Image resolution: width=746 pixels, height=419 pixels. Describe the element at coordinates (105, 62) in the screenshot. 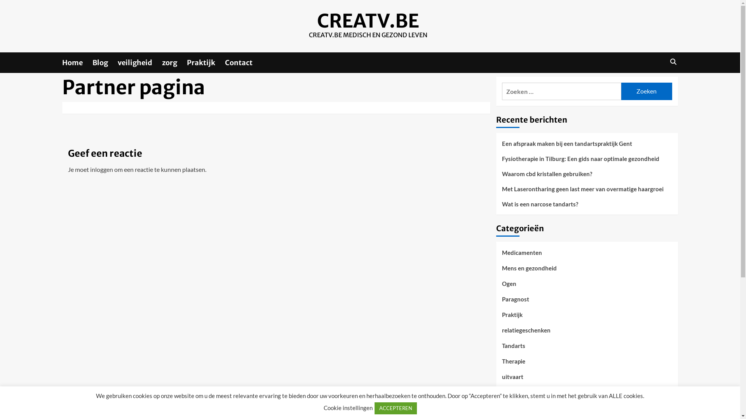

I see `'Blog'` at that location.